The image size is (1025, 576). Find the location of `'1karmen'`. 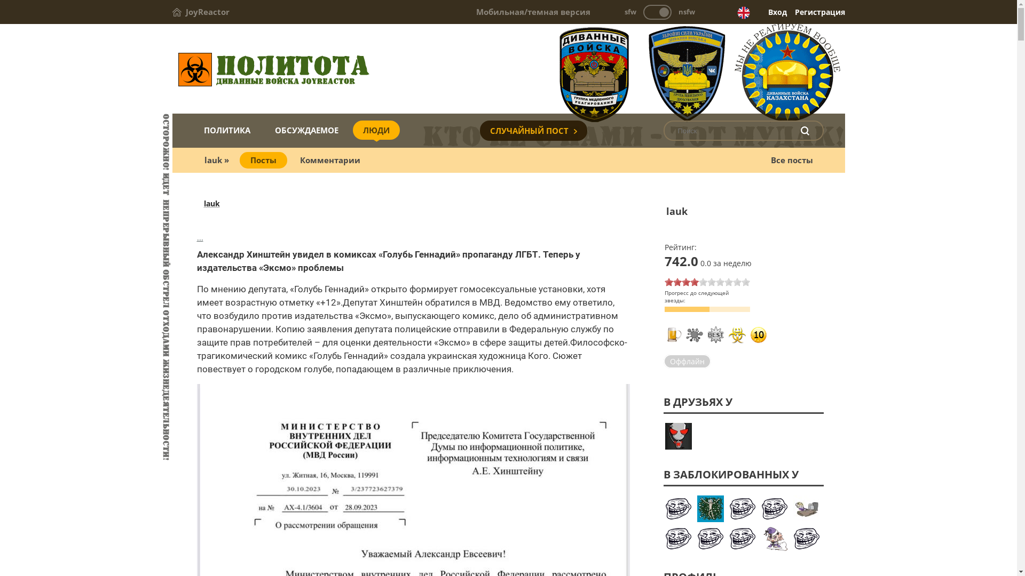

'1karmen' is located at coordinates (807, 508).